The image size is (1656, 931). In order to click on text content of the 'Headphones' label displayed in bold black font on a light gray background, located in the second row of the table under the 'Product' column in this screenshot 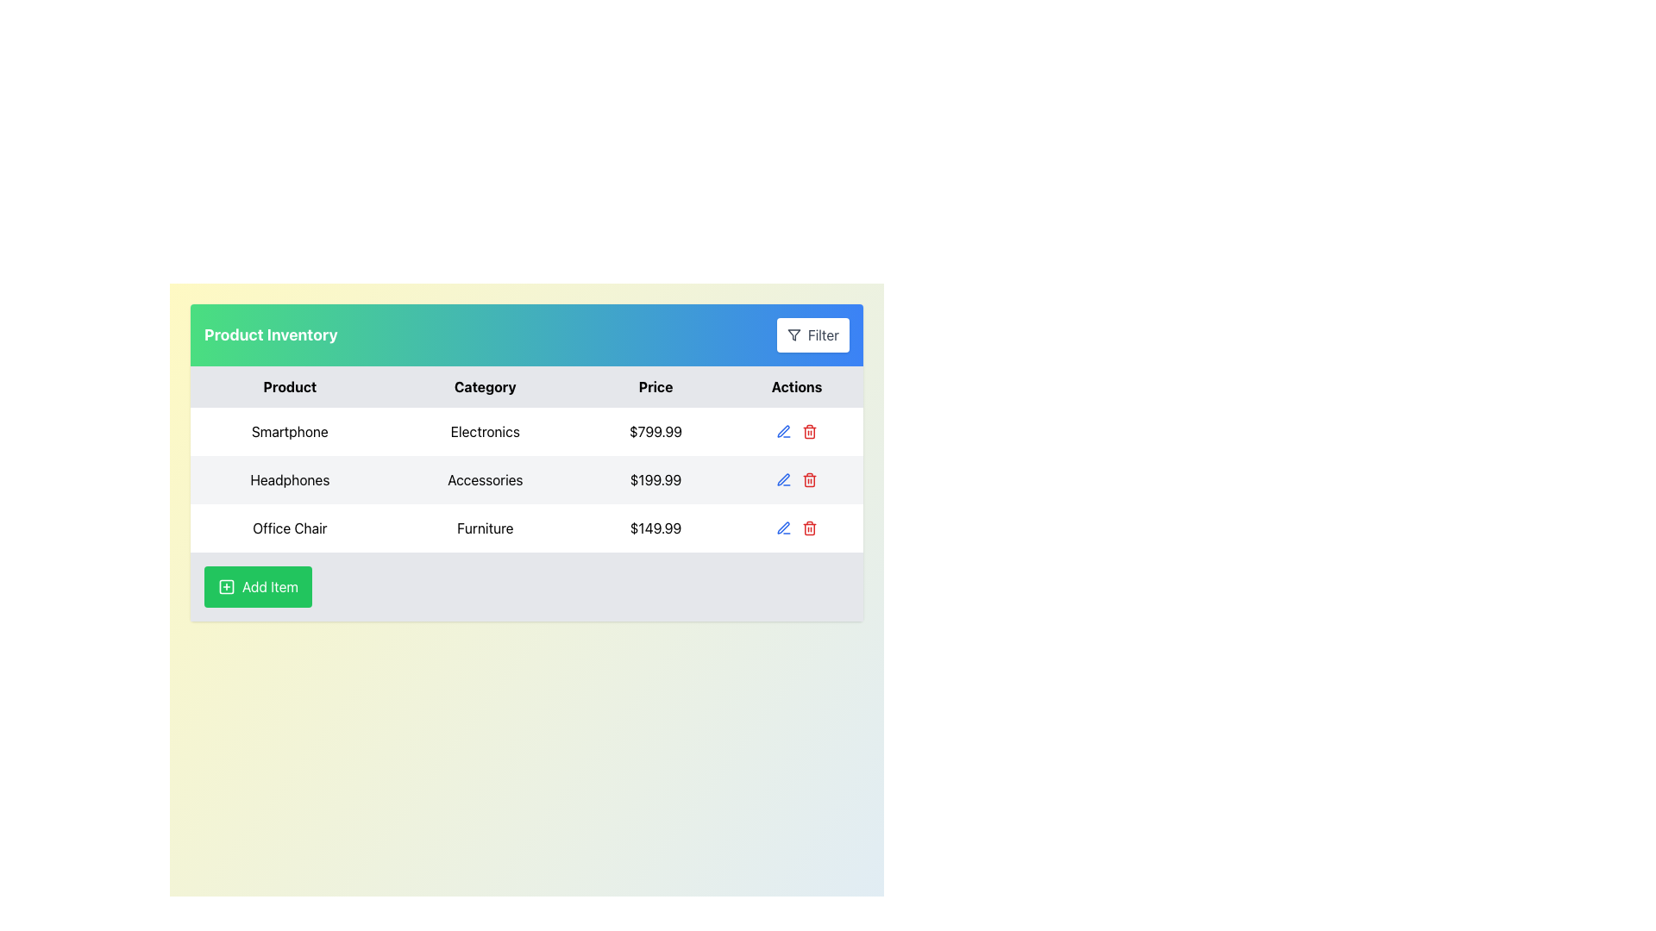, I will do `click(290, 479)`.